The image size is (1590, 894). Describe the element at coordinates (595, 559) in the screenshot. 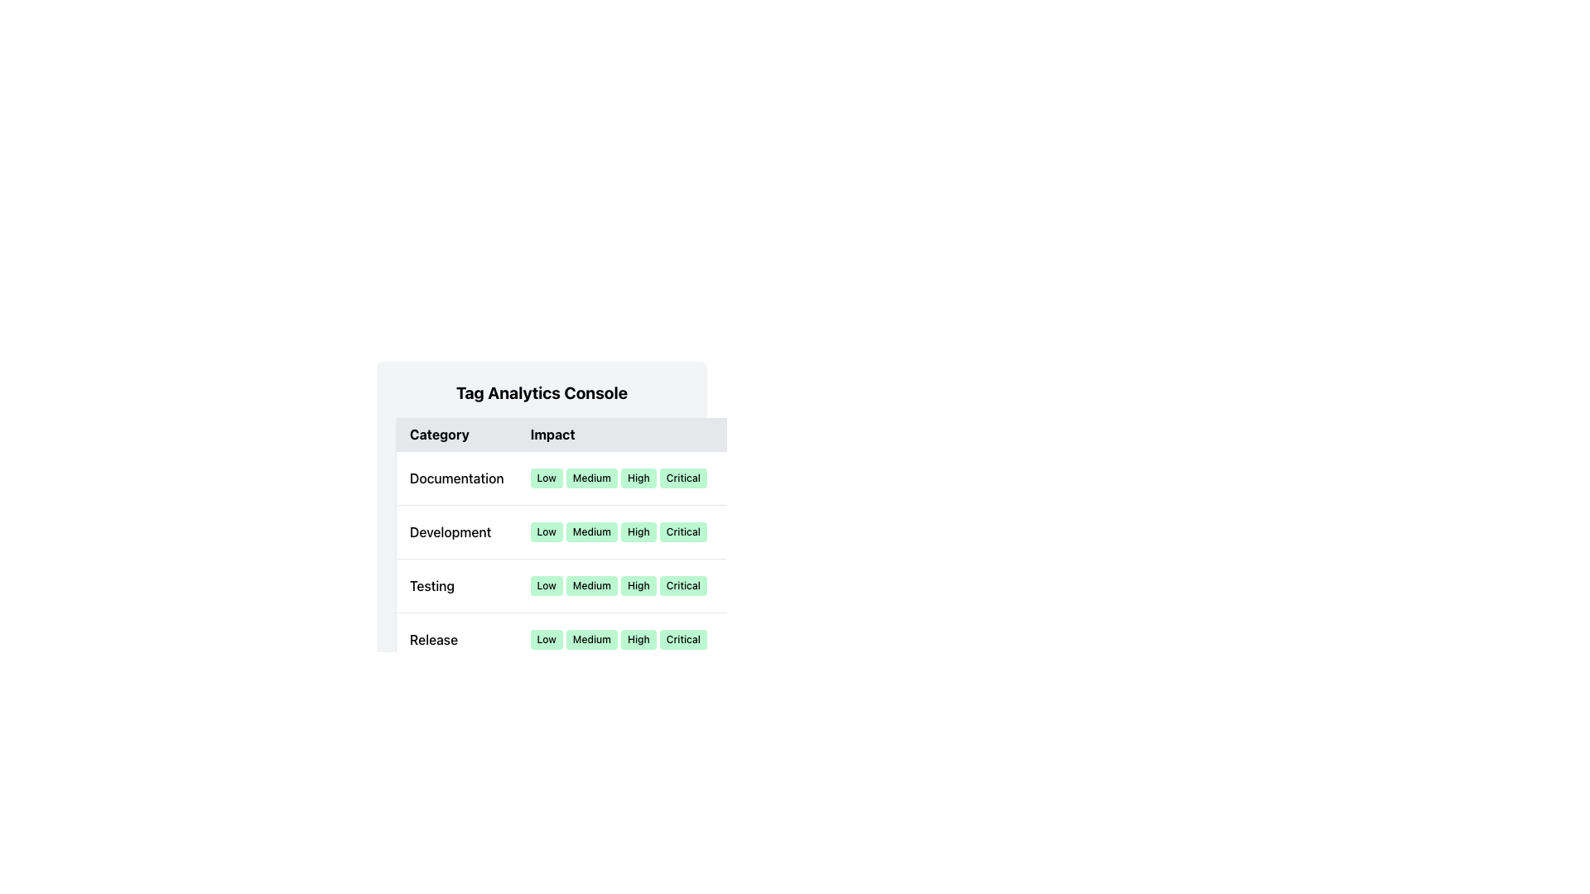

I see `the buttons in the row labeled 'Development' within the table, which contains status options like 'Low,' 'Medium,' 'High,' and 'Critical.'` at that location.